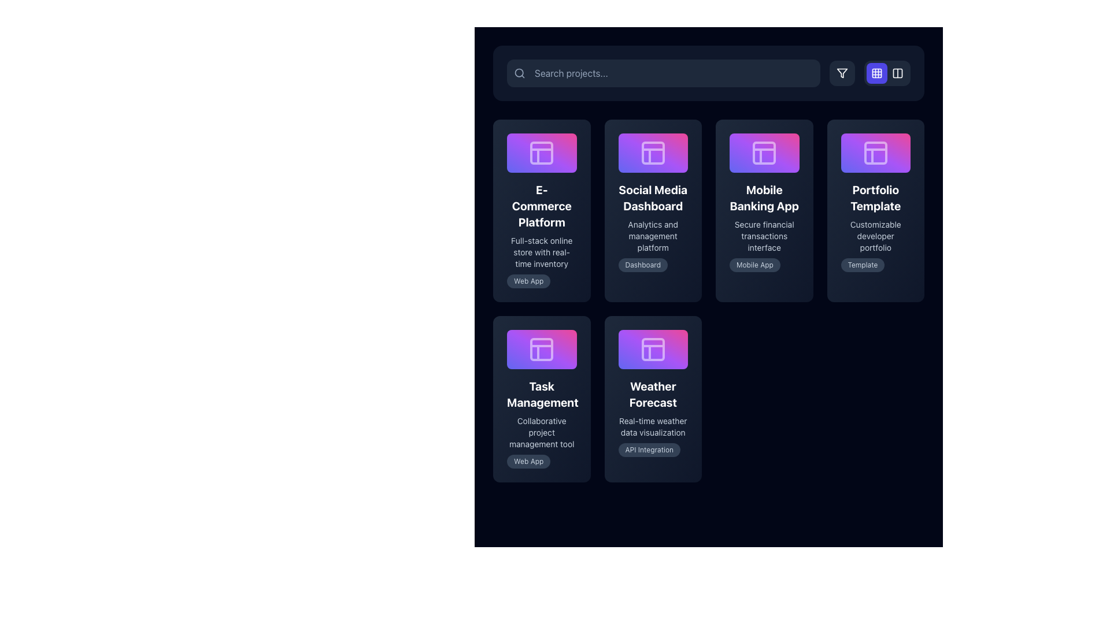 This screenshot has height=624, width=1110. I want to click on the toggle button in the upper right corner of the interface to switch the view mode to a grid layout, so click(887, 73).